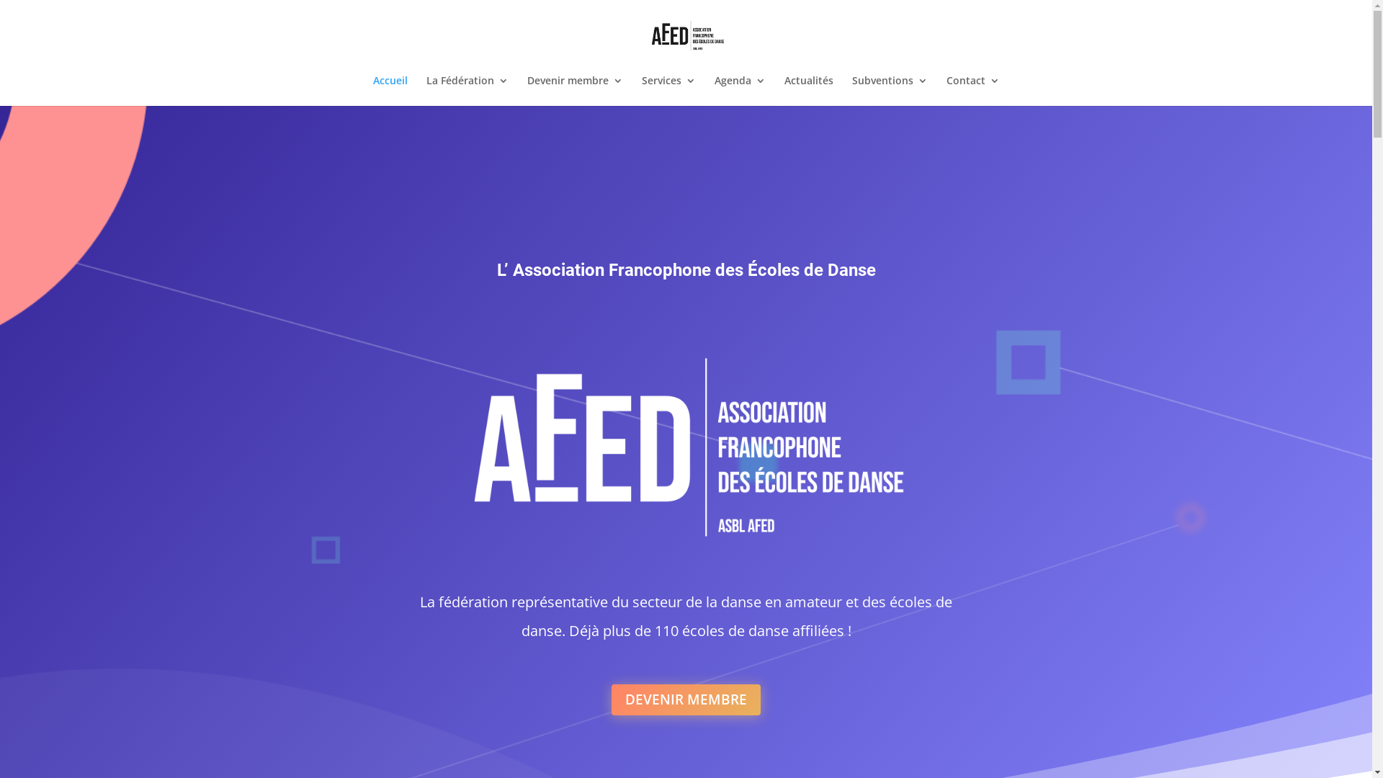 The width and height of the screenshot is (1383, 778). Describe the element at coordinates (390, 91) in the screenshot. I see `'Accueil'` at that location.